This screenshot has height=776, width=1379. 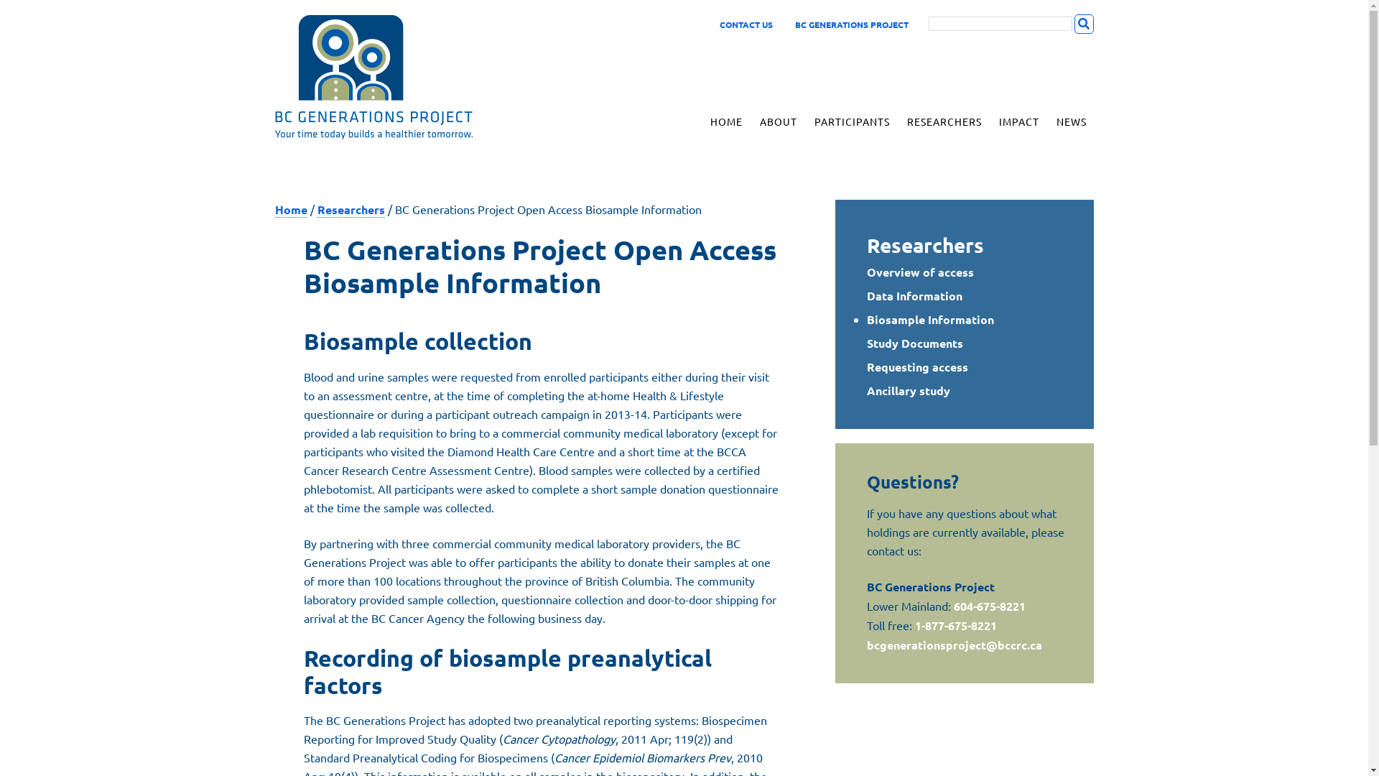 What do you see at coordinates (914, 342) in the screenshot?
I see `'Study Documents'` at bounding box center [914, 342].